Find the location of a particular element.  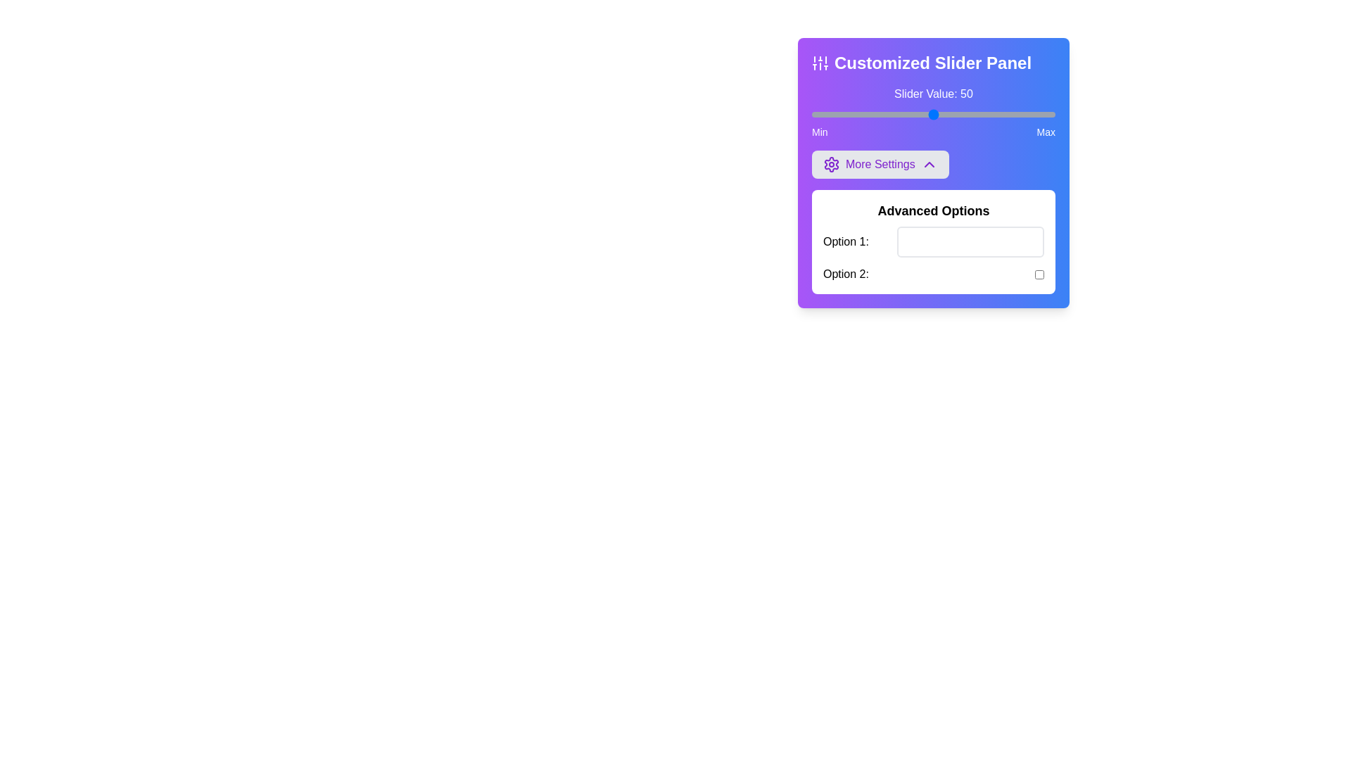

the slider is located at coordinates (953, 113).